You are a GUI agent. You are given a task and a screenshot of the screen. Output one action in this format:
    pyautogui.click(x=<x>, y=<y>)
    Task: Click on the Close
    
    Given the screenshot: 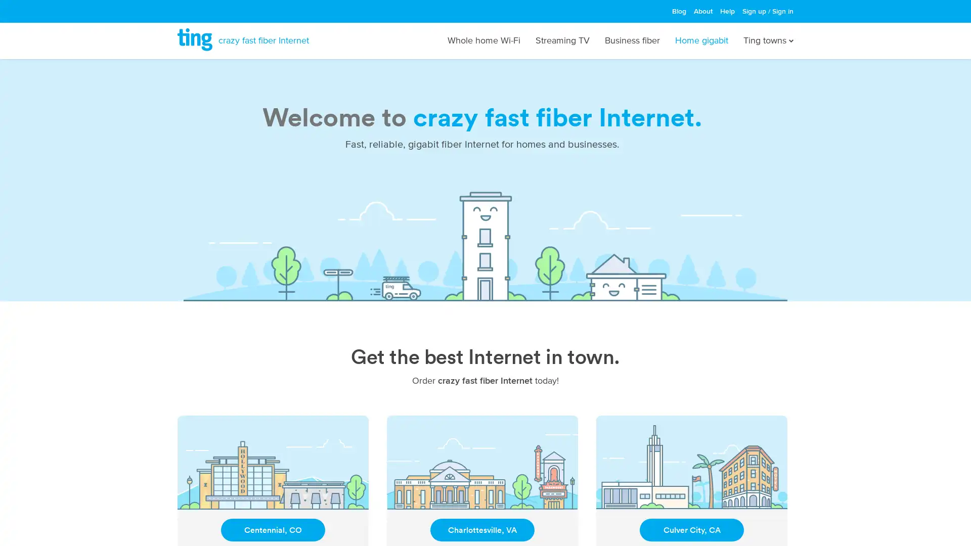 What is the action you would take?
    pyautogui.click(x=617, y=184)
    